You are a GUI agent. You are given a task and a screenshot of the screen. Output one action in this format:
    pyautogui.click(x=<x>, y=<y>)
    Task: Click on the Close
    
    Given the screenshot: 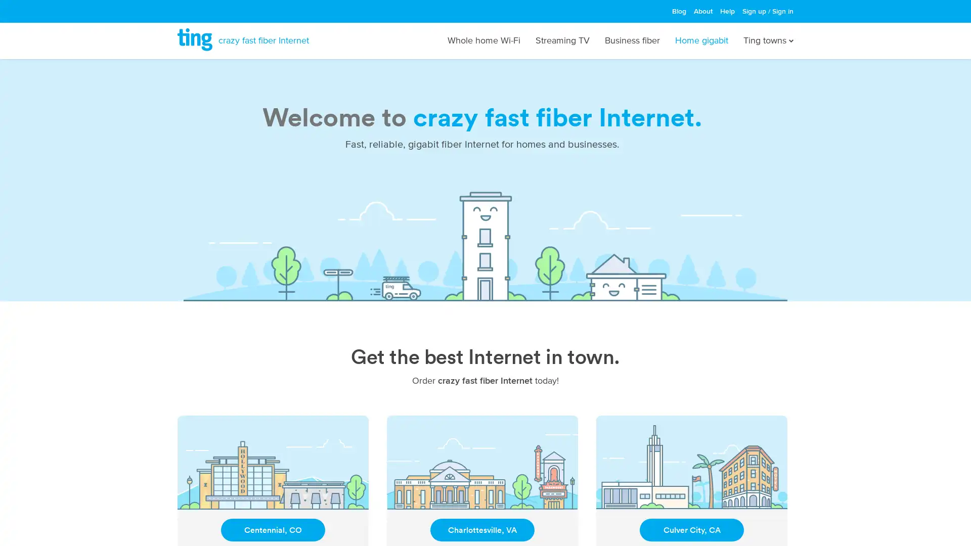 What is the action you would take?
    pyautogui.click(x=617, y=184)
    